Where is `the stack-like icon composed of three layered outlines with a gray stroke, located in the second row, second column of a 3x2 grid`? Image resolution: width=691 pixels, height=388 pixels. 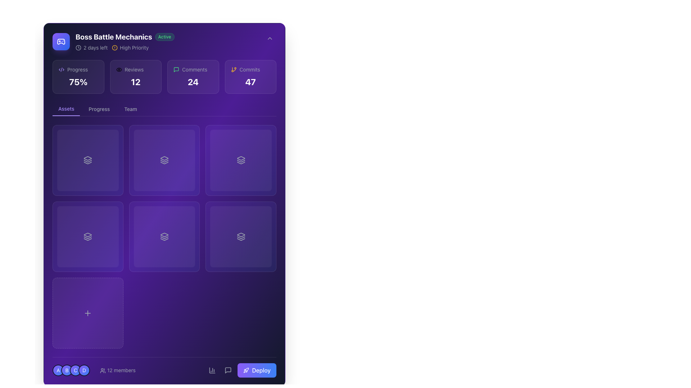 the stack-like icon composed of three layered outlines with a gray stroke, located in the second row, second column of a 3x2 grid is located at coordinates (164, 237).